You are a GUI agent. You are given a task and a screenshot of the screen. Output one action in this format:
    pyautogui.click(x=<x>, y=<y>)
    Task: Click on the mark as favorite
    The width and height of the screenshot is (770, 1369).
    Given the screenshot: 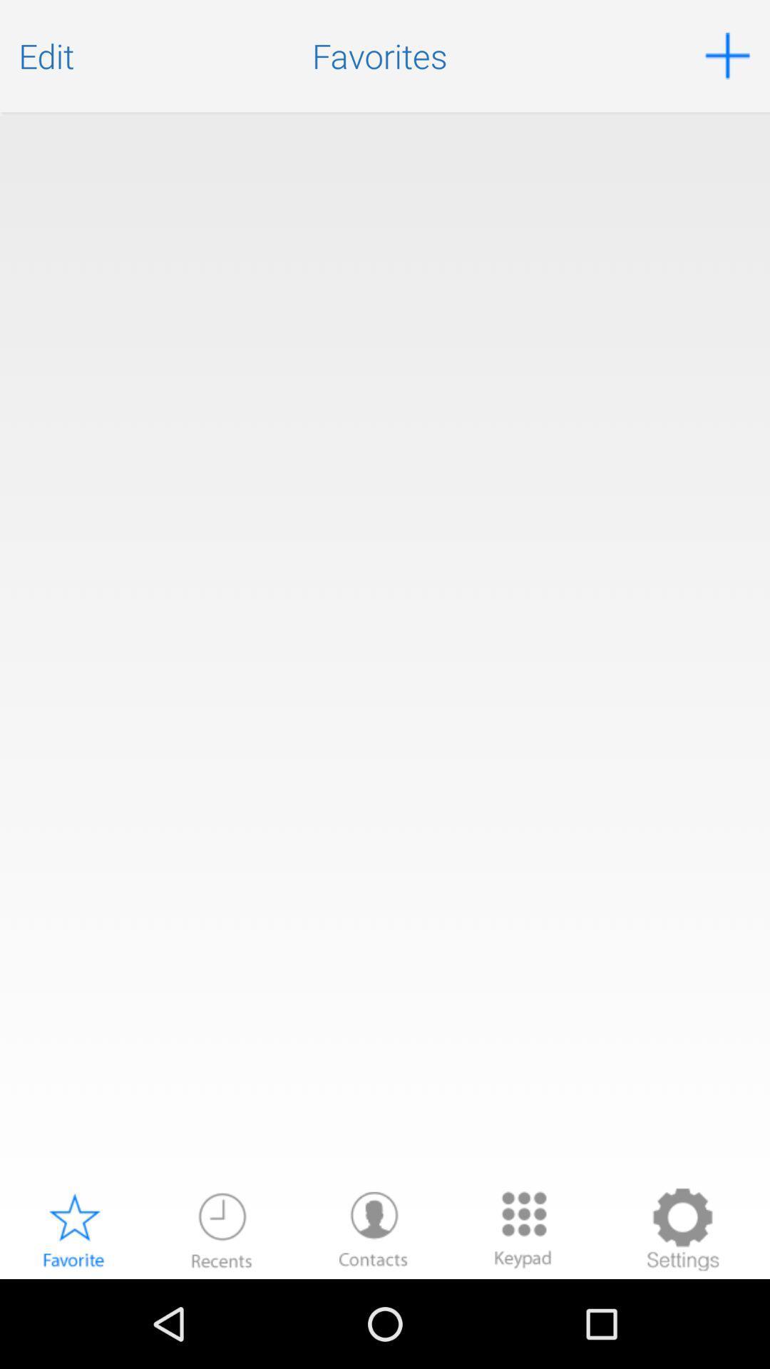 What is the action you would take?
    pyautogui.click(x=73, y=1229)
    